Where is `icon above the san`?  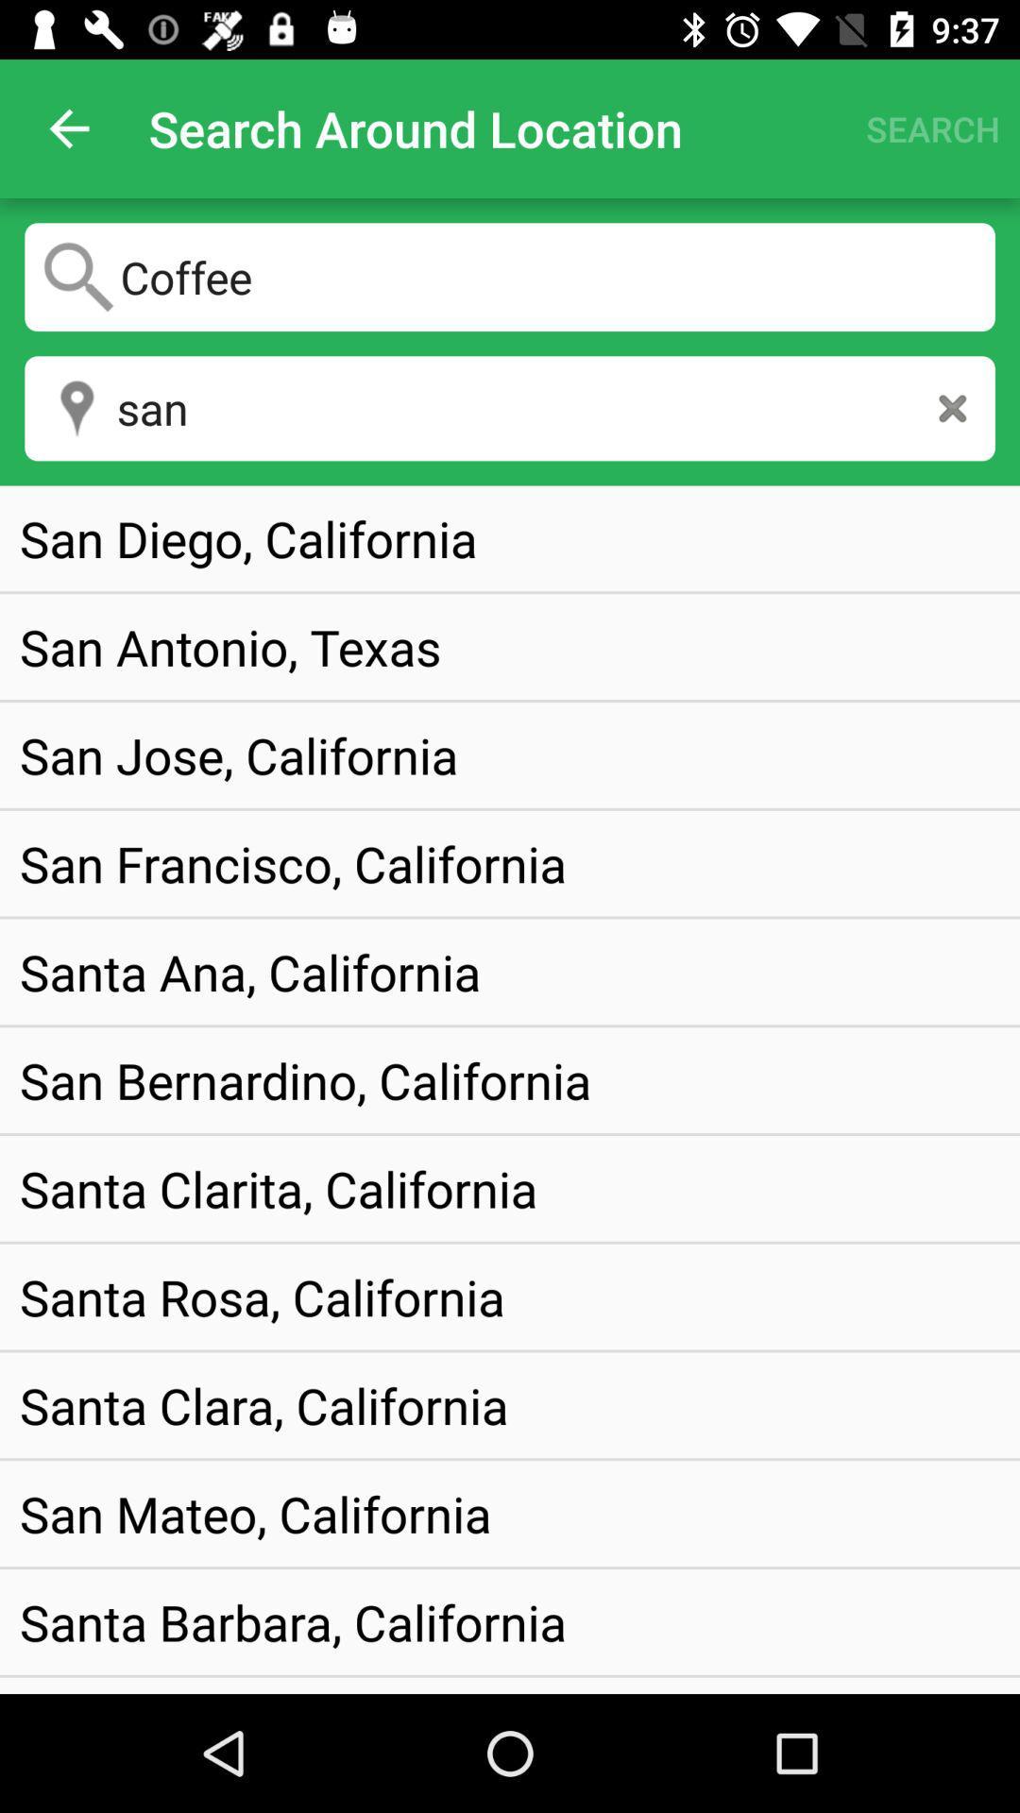 icon above the san is located at coordinates (510, 276).